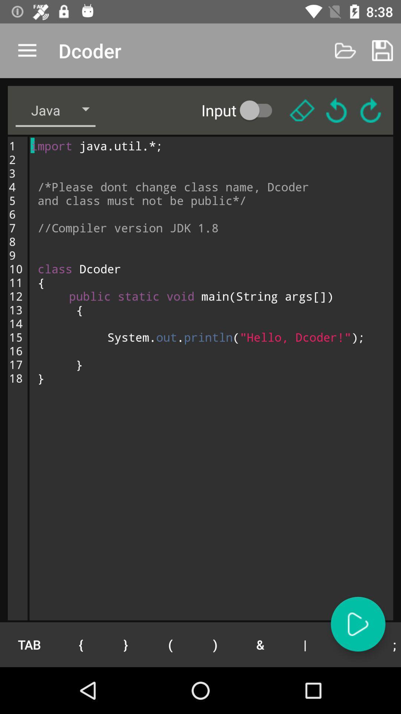 This screenshot has height=714, width=401. What do you see at coordinates (336, 110) in the screenshot?
I see `undo last action` at bounding box center [336, 110].